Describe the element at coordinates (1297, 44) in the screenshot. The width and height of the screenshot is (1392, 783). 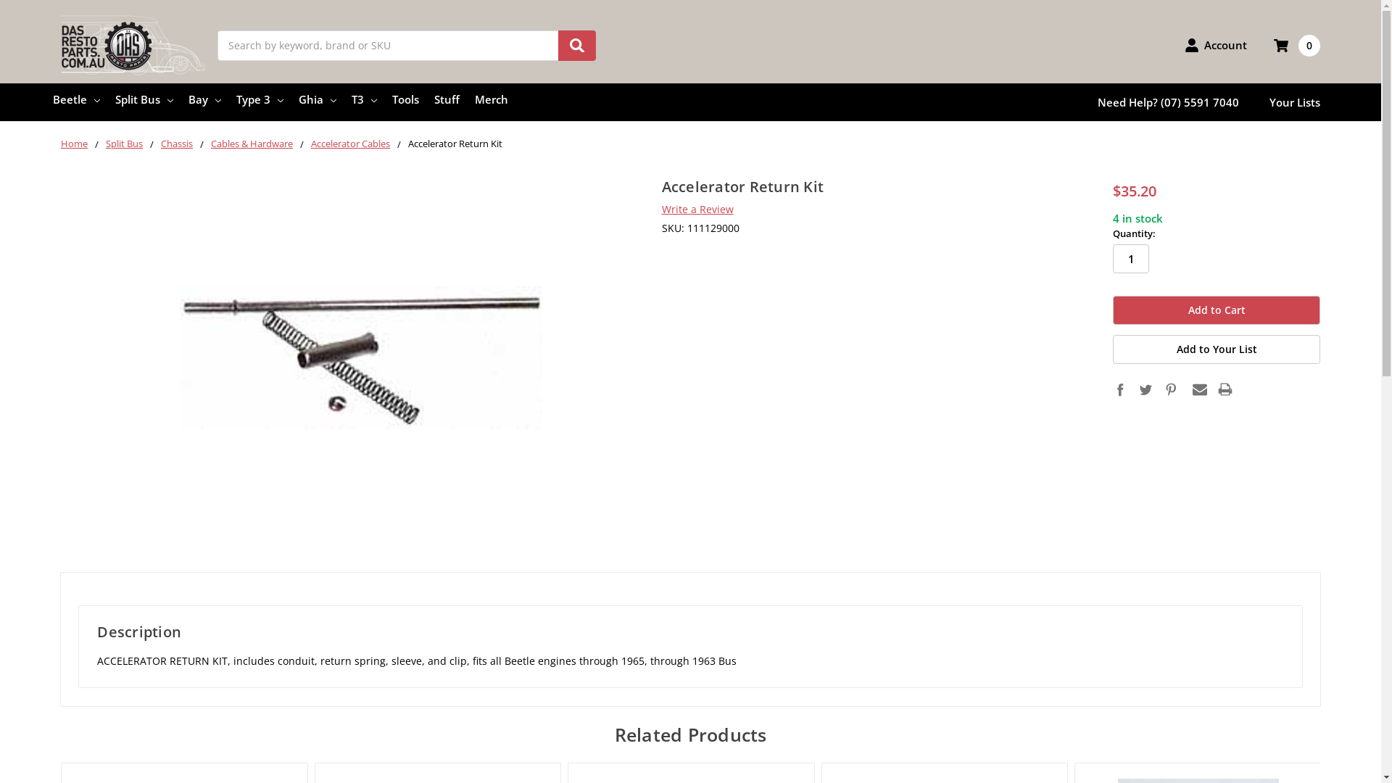
I see `'0'` at that location.